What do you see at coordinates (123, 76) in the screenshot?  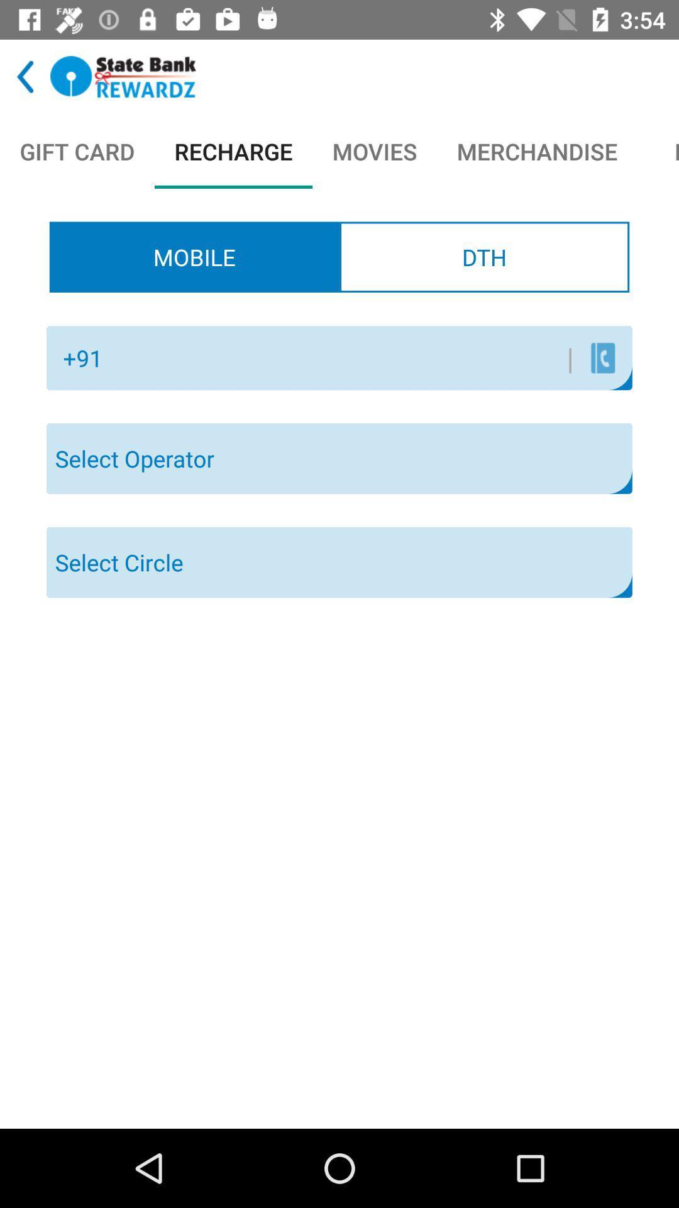 I see `tap to go to webpage` at bounding box center [123, 76].